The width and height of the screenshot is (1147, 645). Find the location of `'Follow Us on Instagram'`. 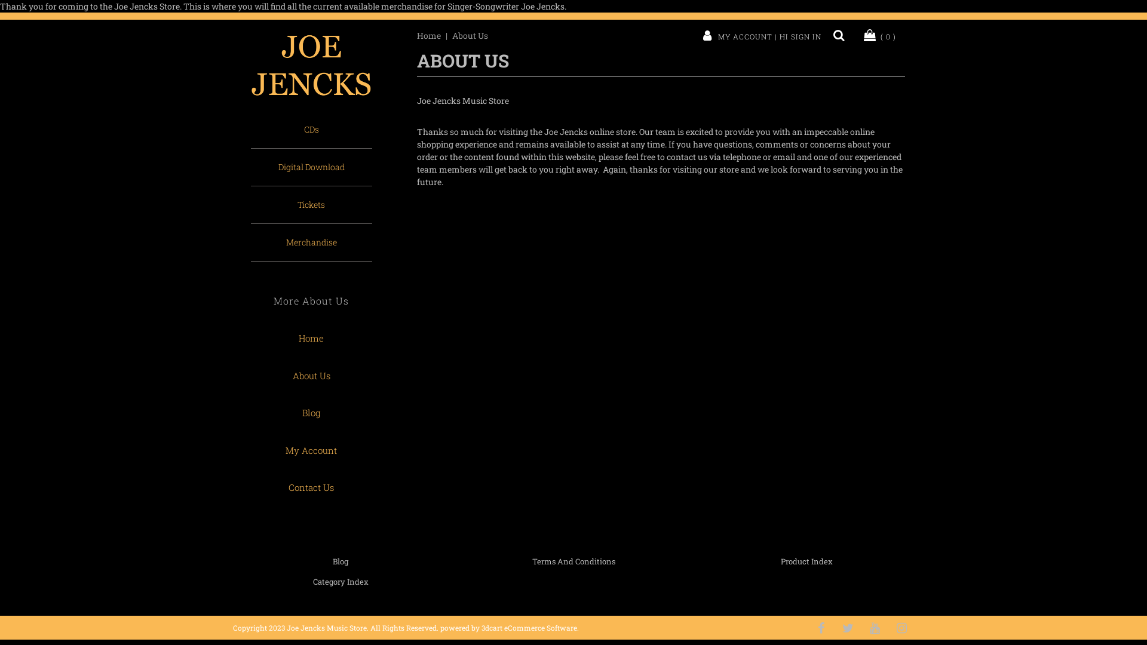

'Follow Us on Instagram' is located at coordinates (901, 626).